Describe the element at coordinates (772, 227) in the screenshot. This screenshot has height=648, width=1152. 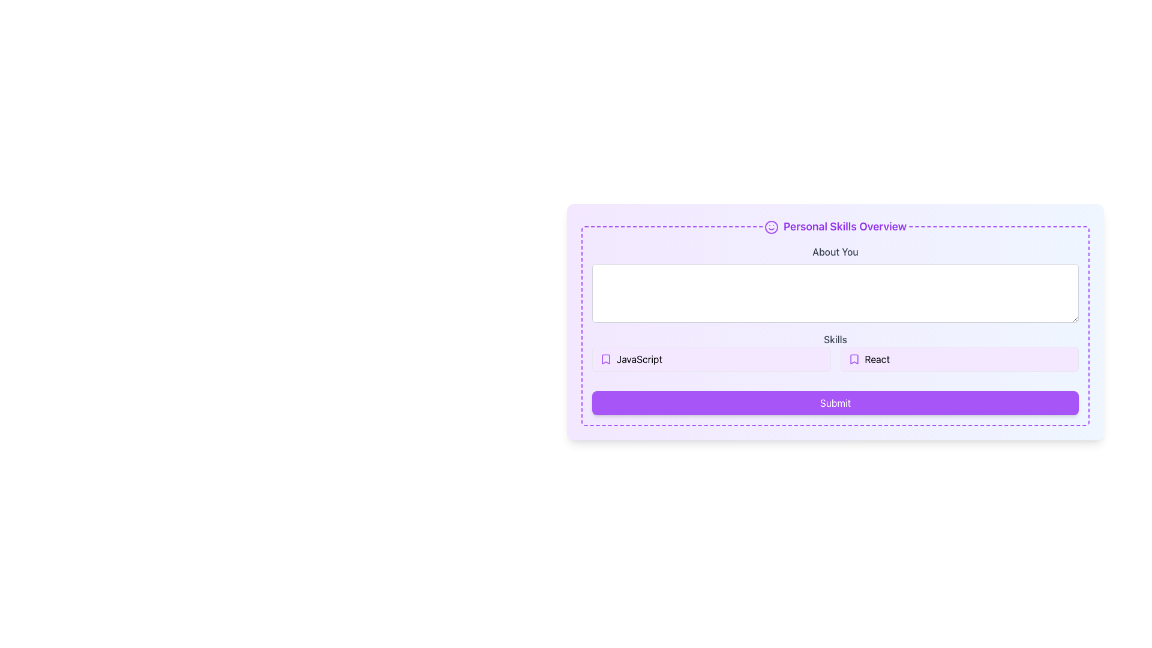
I see `the circular face outline within the smiley SVG icon in the 'Personal Skills Overview' section, located near the top-right corner of the header` at that location.